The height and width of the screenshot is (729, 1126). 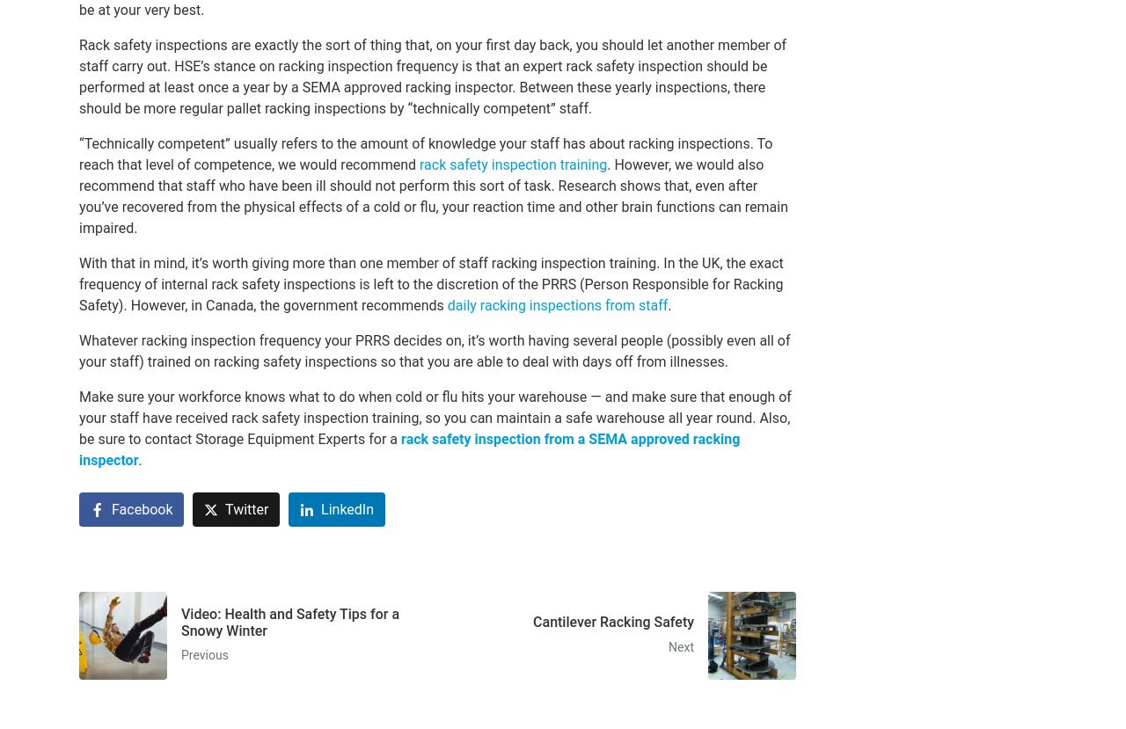 What do you see at coordinates (434, 351) in the screenshot?
I see `'Whatever racking inspection frequency your PRRS decides on, it’s worth having several people (possibly even all of your staff) trained on racking safety inspections so that you are able to deal with days off from illnesses.'` at bounding box center [434, 351].